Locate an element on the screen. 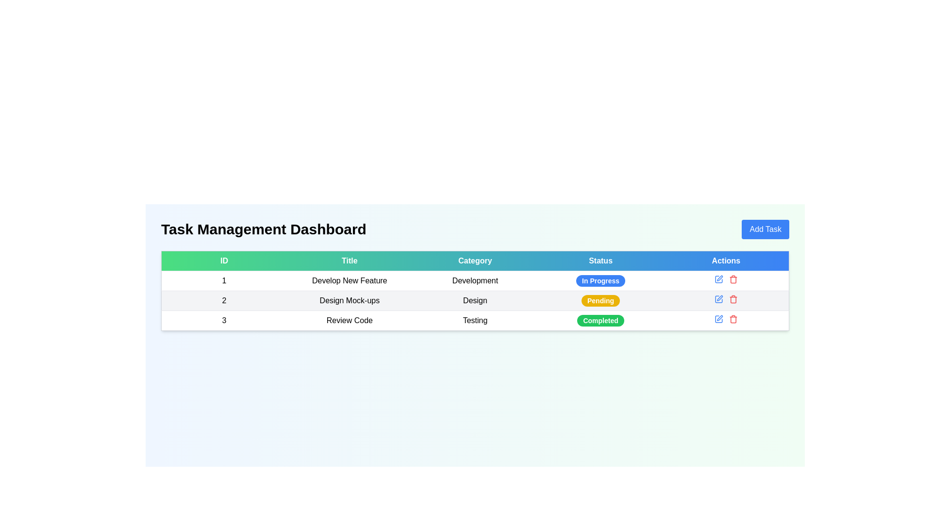 This screenshot has height=524, width=932. the title text element that serves as the heading for the interface, located above the 'Add Task' button is located at coordinates (264, 229).